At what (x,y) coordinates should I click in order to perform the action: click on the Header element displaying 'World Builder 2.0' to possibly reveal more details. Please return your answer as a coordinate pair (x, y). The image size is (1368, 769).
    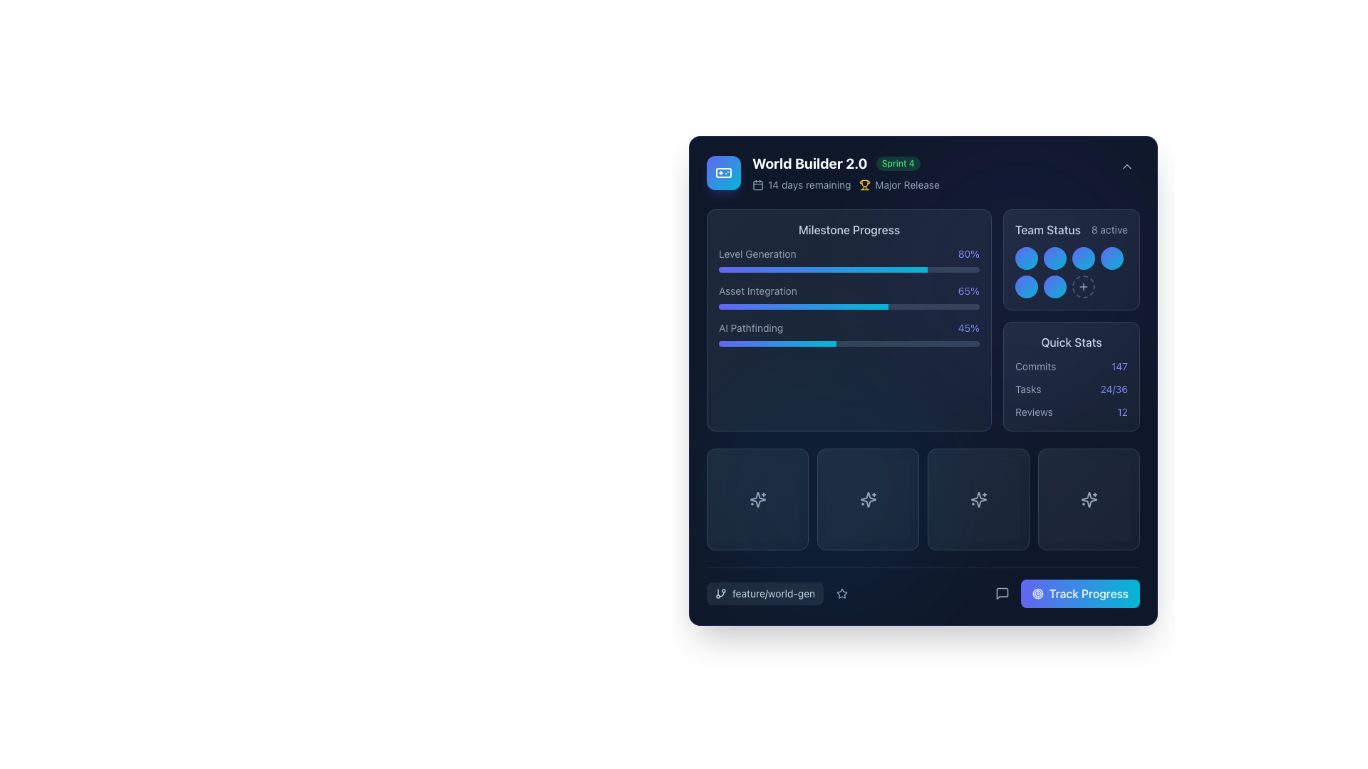
    Looking at the image, I should click on (823, 172).